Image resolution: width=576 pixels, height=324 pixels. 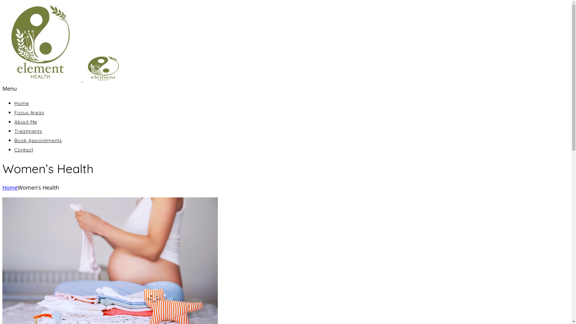 I want to click on 'Home', so click(x=22, y=103).